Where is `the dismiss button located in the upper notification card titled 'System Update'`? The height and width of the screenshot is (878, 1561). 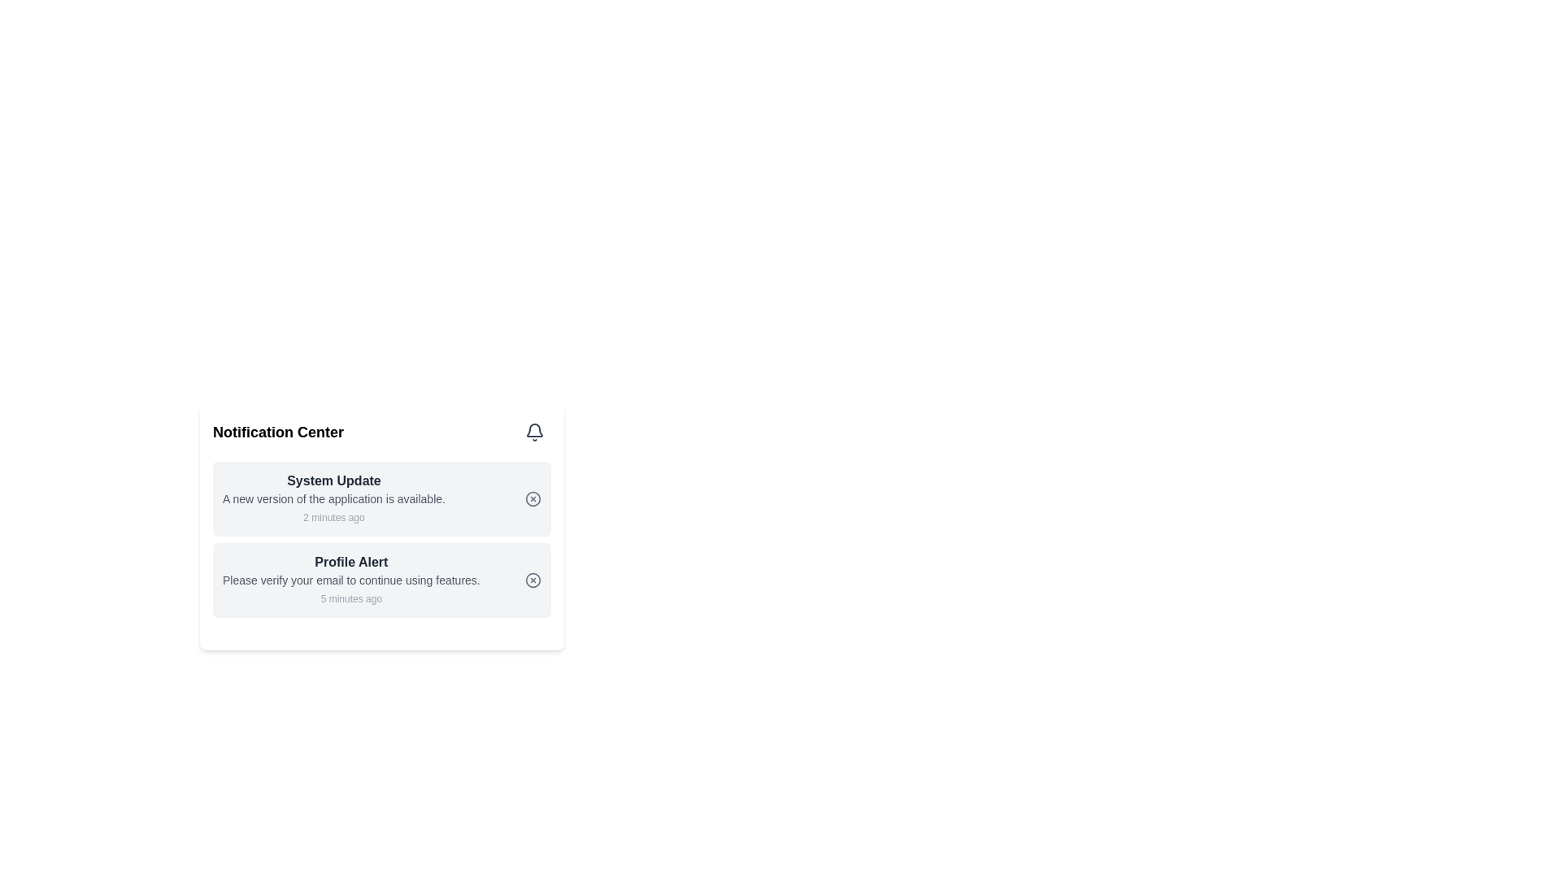 the dismiss button located in the upper notification card titled 'System Update' is located at coordinates (533, 498).